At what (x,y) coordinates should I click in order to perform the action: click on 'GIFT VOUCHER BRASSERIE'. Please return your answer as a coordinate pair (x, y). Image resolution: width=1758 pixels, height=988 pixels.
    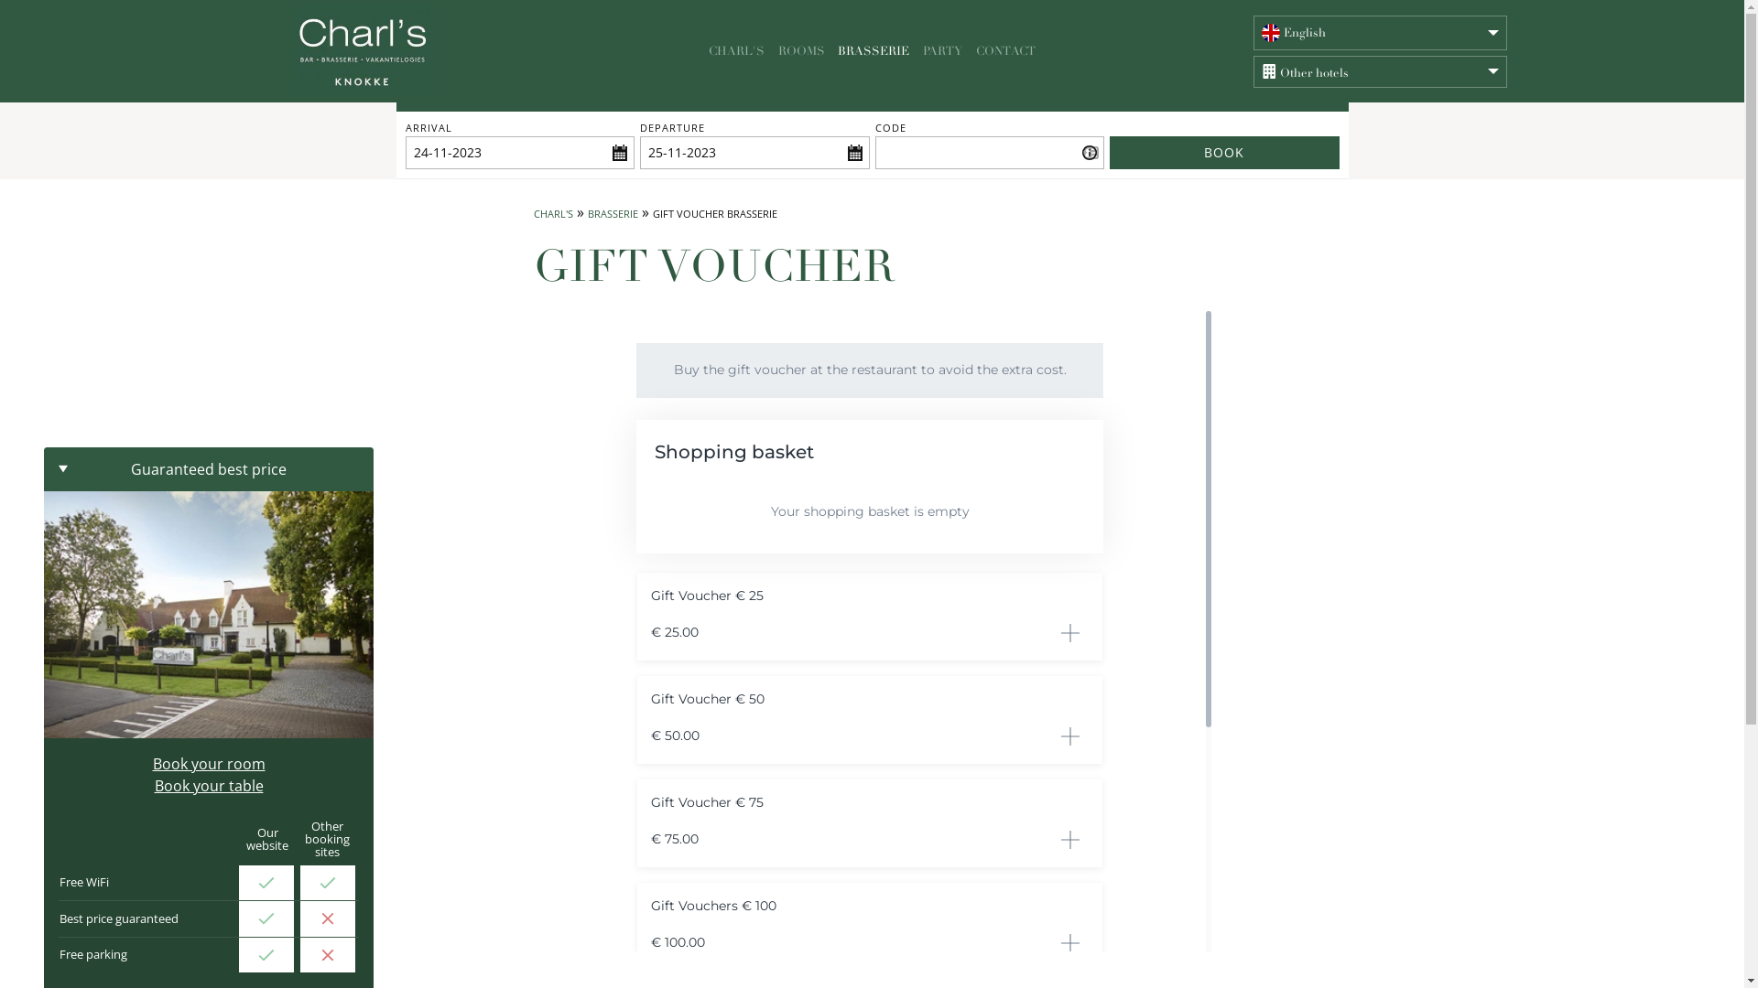
    Looking at the image, I should click on (712, 213).